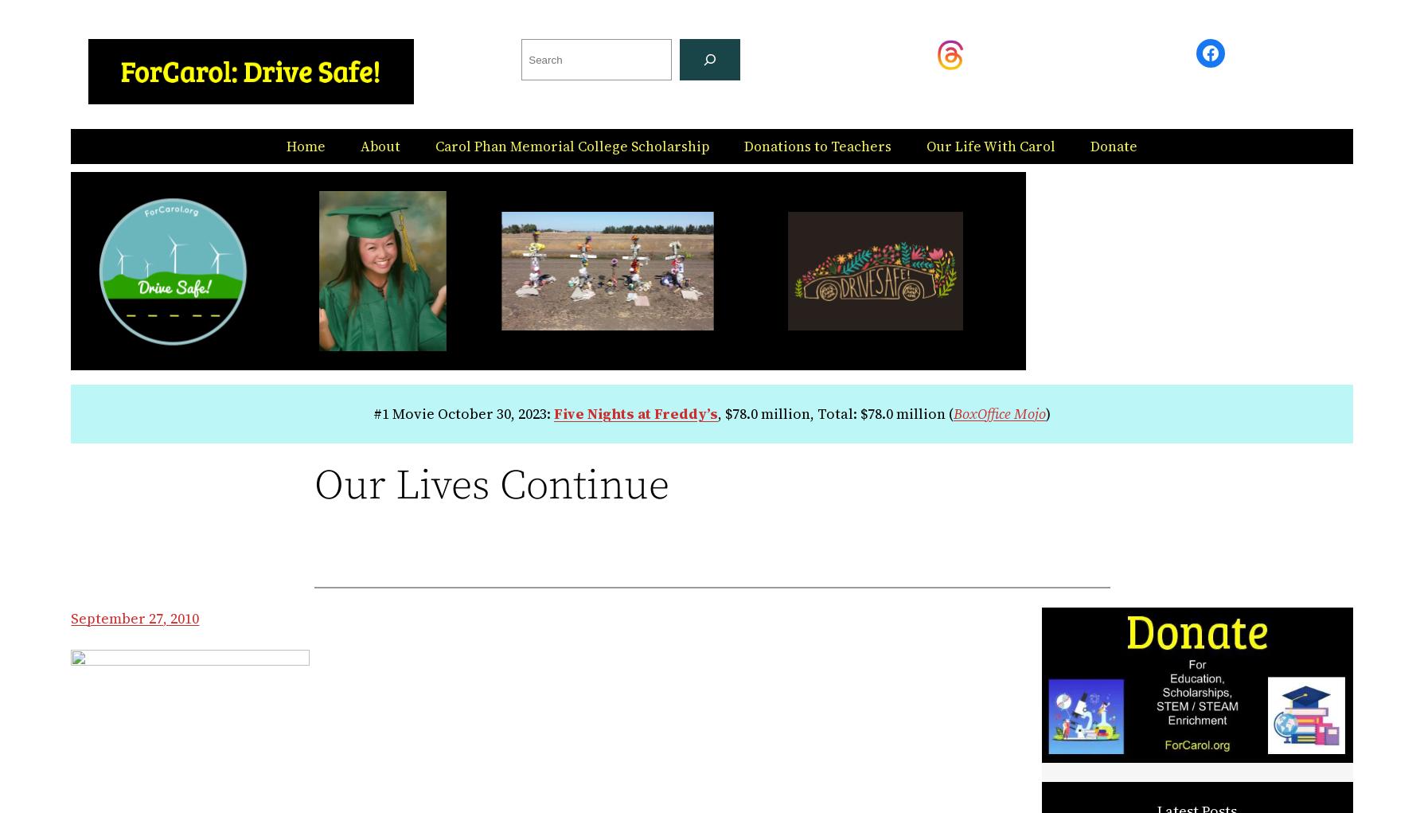 Image resolution: width=1424 pixels, height=813 pixels. Describe the element at coordinates (817, 144) in the screenshot. I see `'Donations to Teachers'` at that location.